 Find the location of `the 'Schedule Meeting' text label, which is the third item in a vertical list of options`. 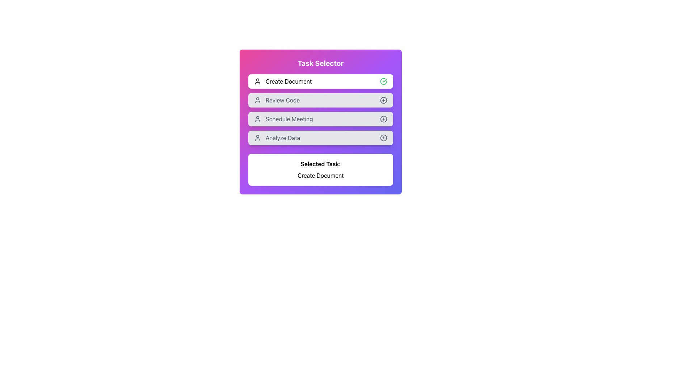

the 'Schedule Meeting' text label, which is the third item in a vertical list of options is located at coordinates (283, 118).